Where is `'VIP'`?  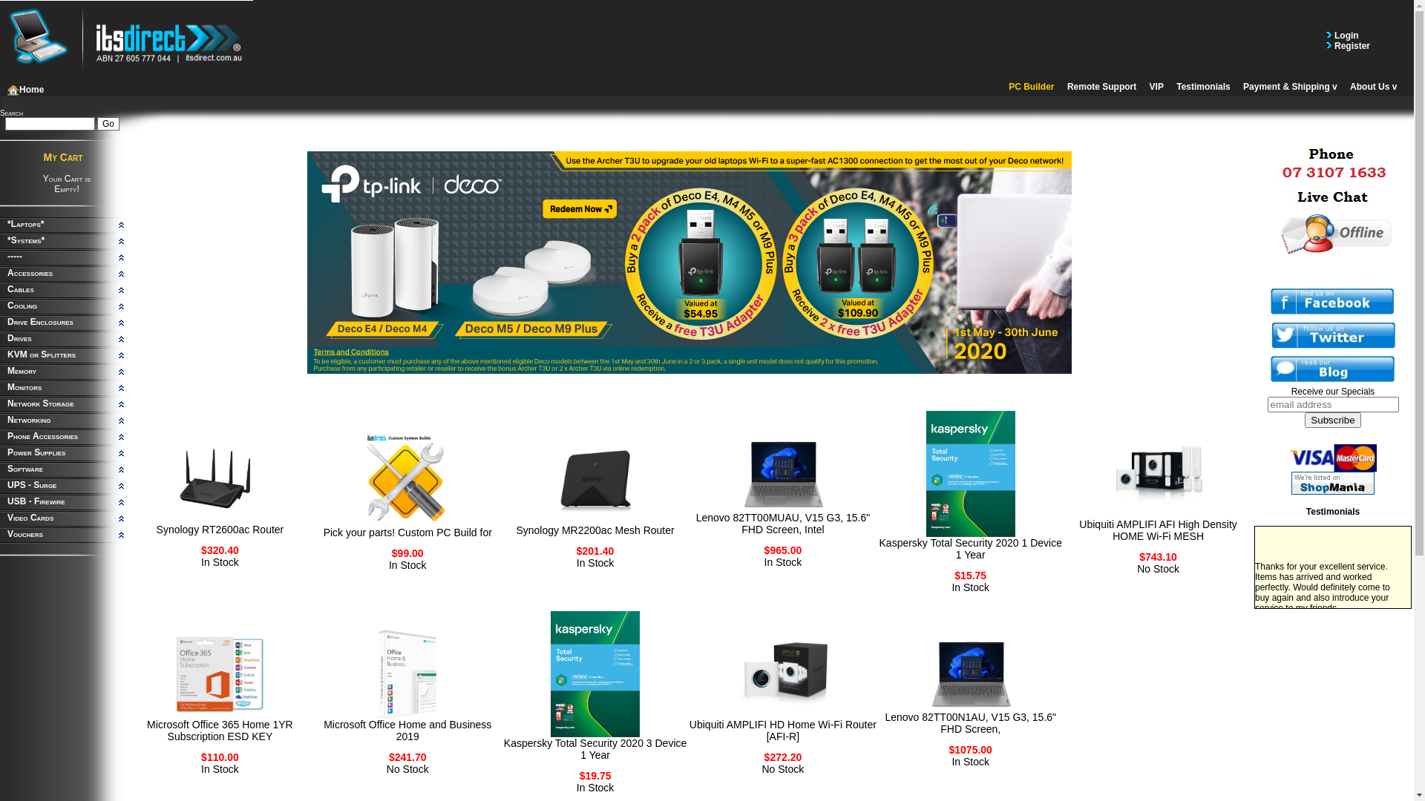 'VIP' is located at coordinates (1156, 86).